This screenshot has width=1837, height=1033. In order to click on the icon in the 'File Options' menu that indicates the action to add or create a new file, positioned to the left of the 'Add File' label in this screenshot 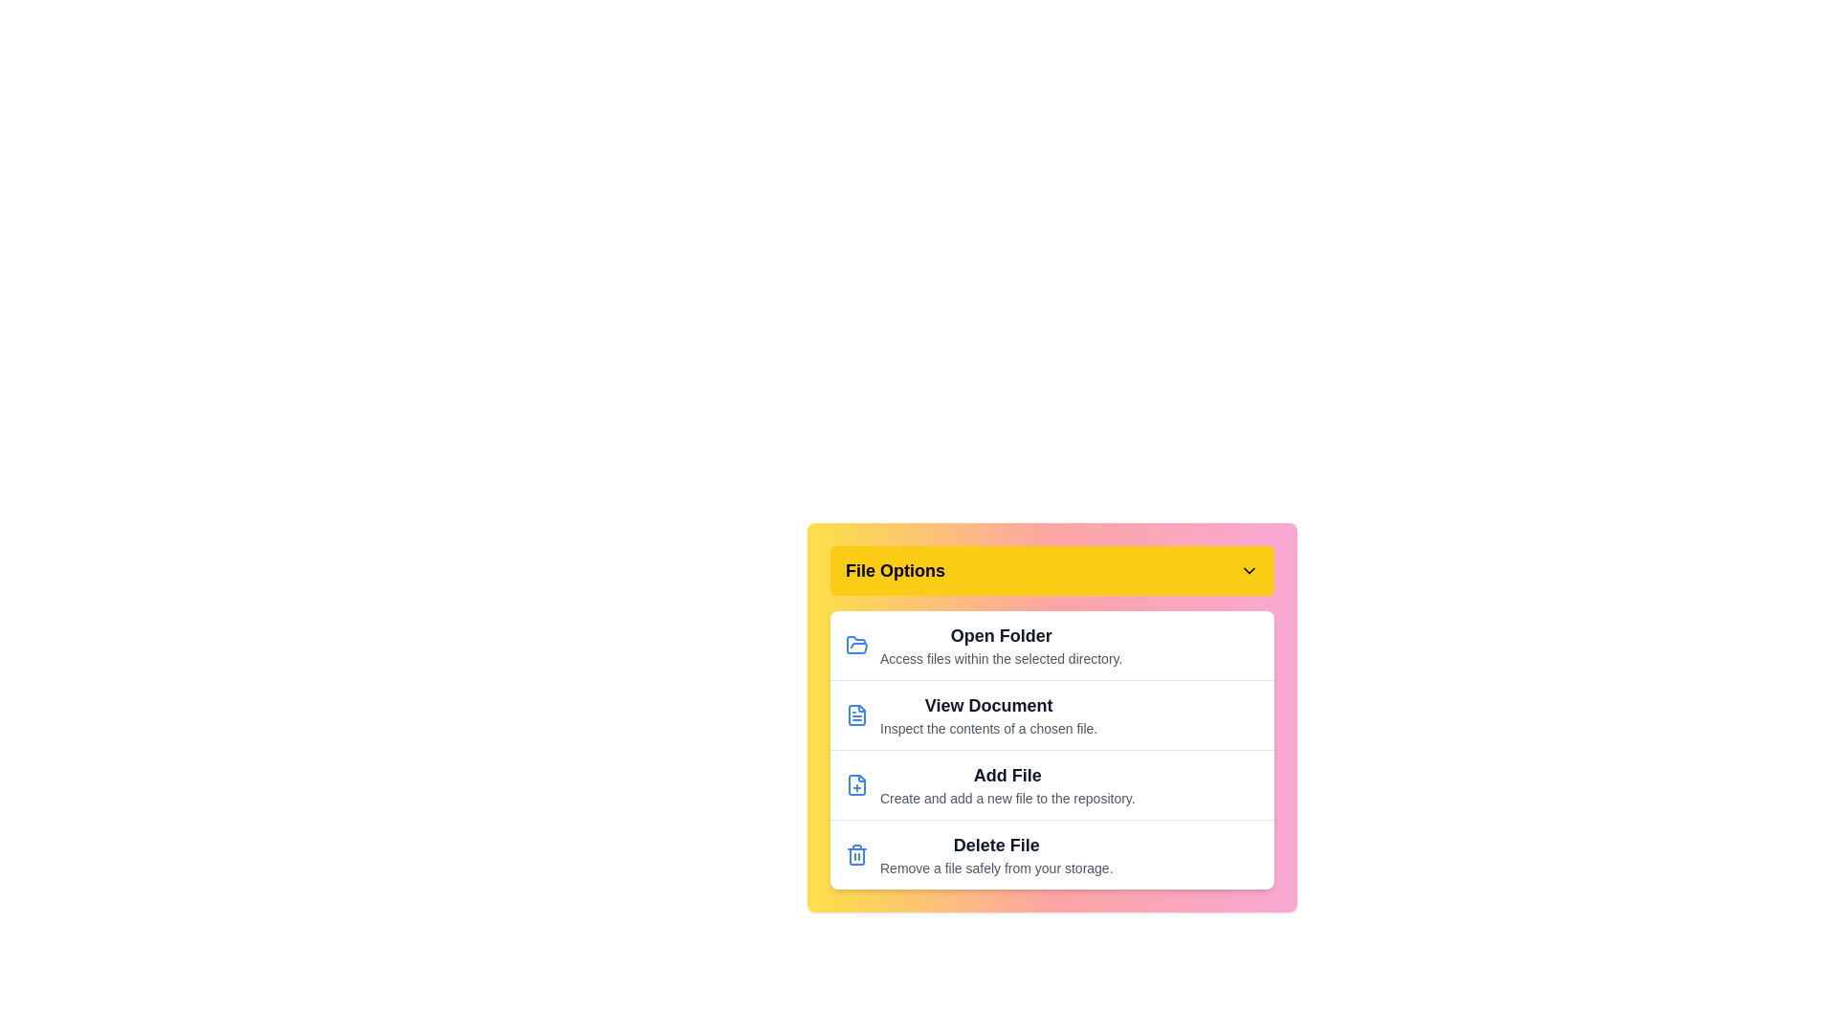, I will do `click(856, 785)`.